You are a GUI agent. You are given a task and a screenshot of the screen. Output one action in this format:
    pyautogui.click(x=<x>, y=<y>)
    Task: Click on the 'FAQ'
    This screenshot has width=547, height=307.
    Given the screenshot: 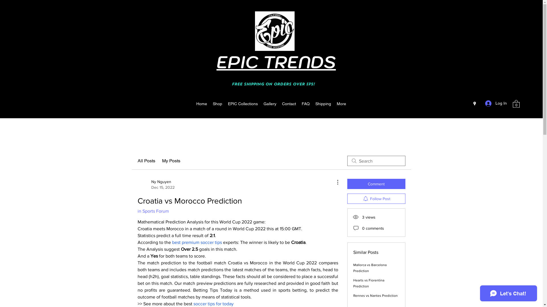 What is the action you would take?
    pyautogui.click(x=305, y=104)
    